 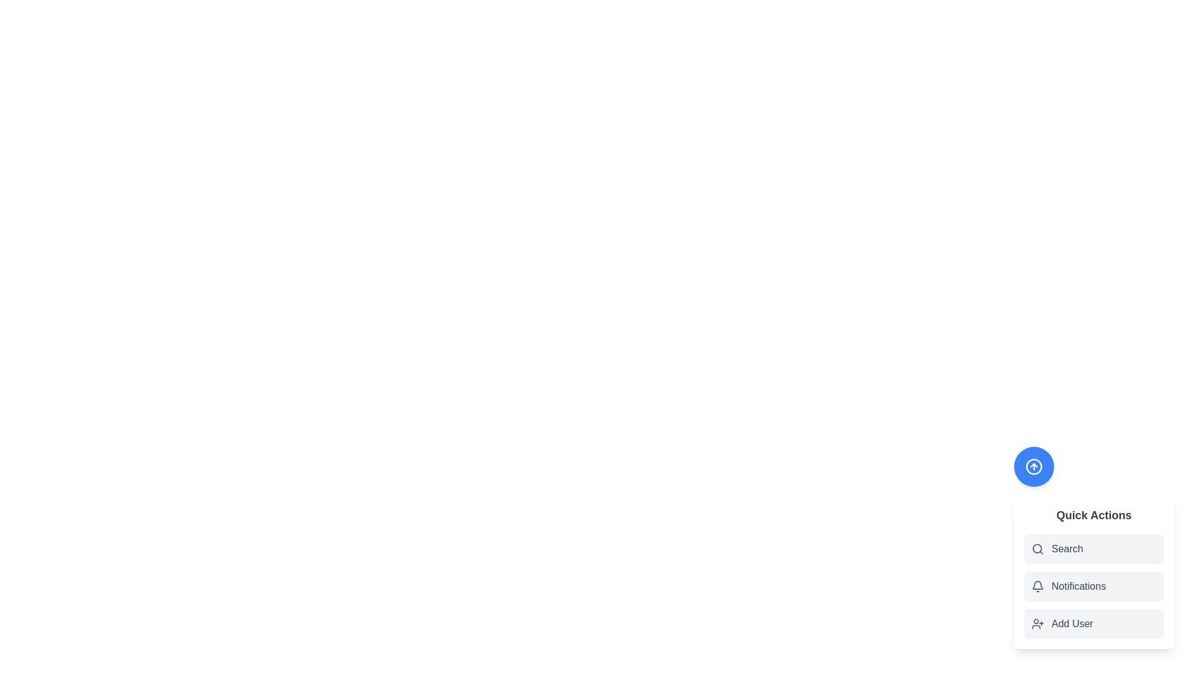 I want to click on the circular SVG graphic element that resembles an upward-pointing arrow, located at the center of the circular button in the far bottom-right corner adjacent to the 'Quick Actions' panel, so click(x=1034, y=467).